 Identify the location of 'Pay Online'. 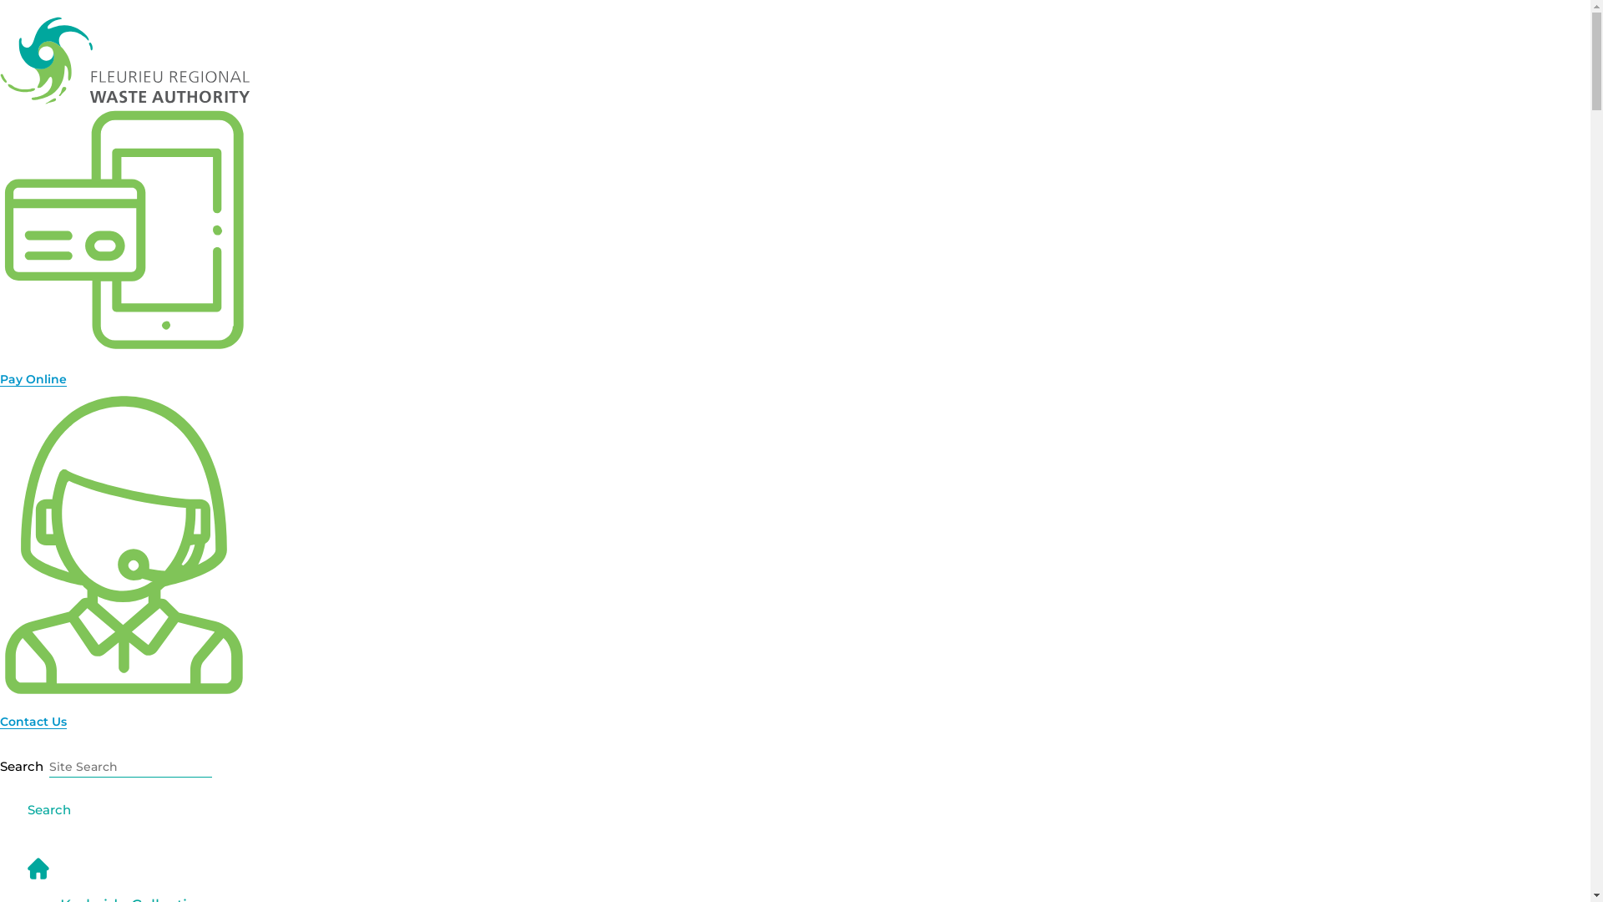
(33, 378).